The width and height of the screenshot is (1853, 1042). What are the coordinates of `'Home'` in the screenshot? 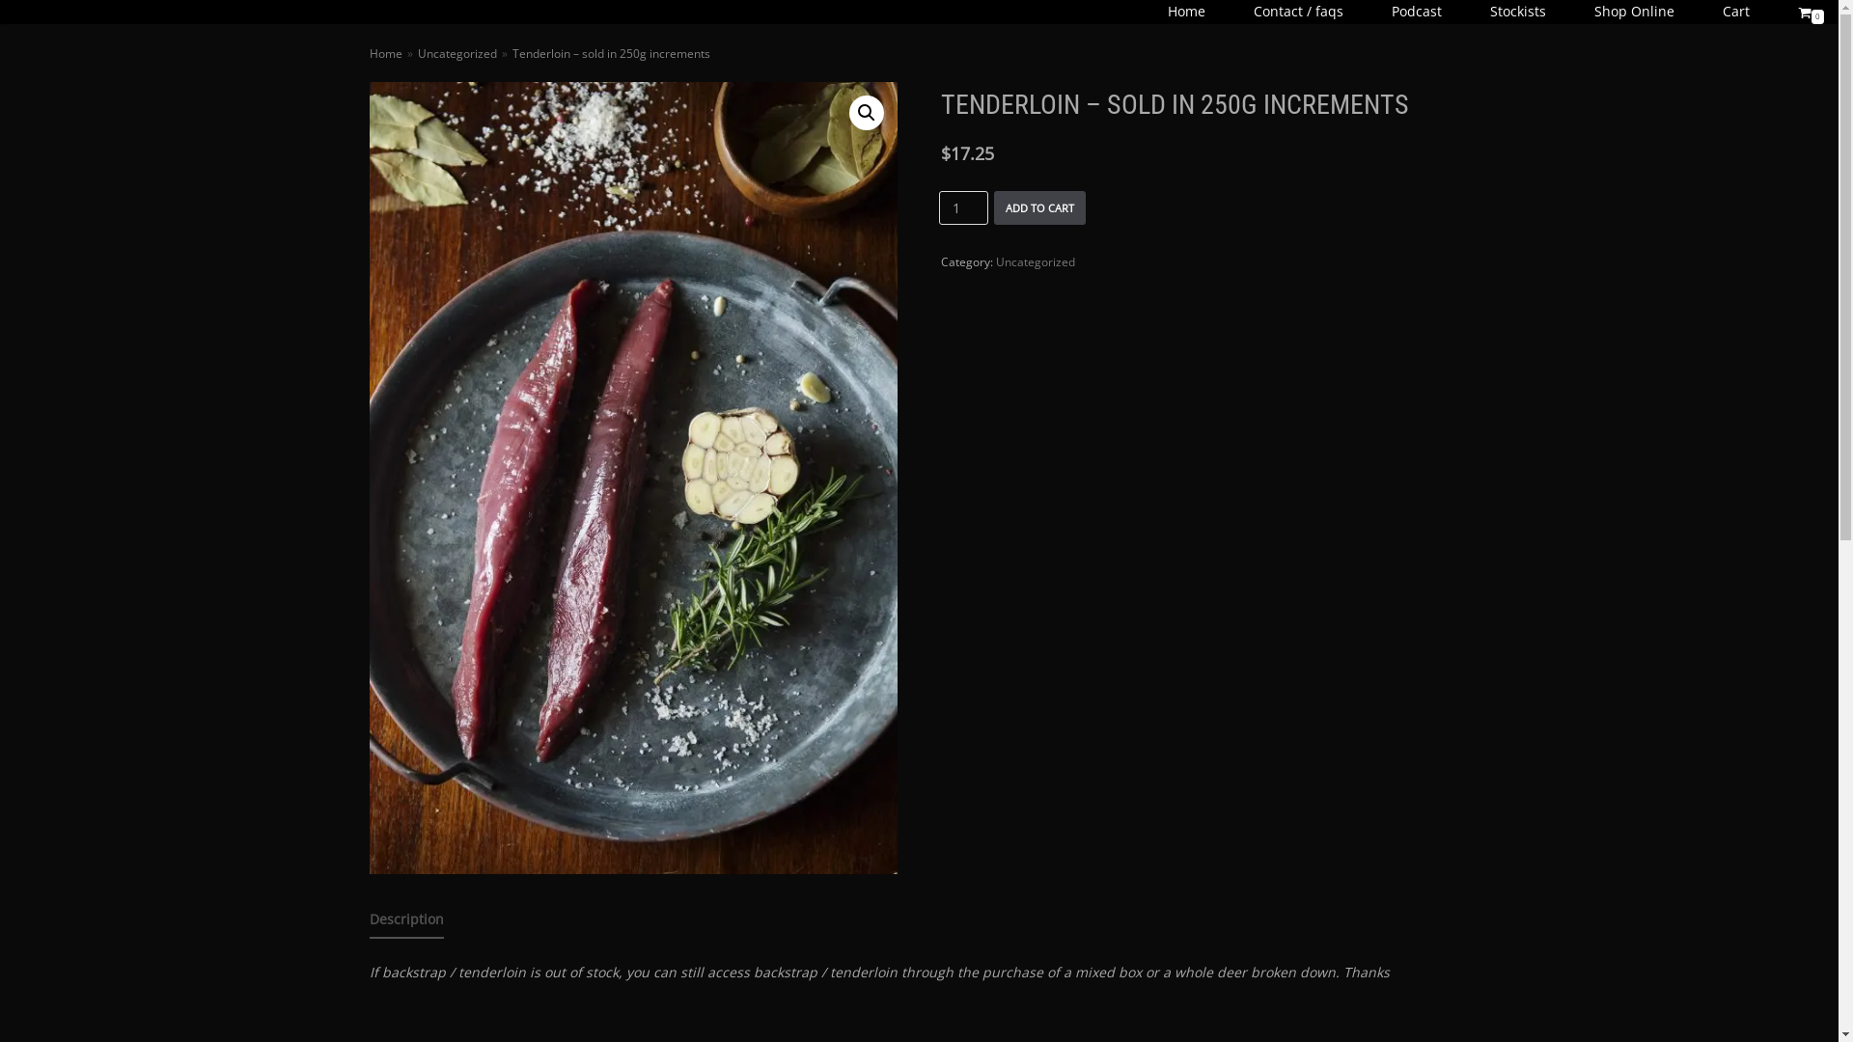 It's located at (384, 51).